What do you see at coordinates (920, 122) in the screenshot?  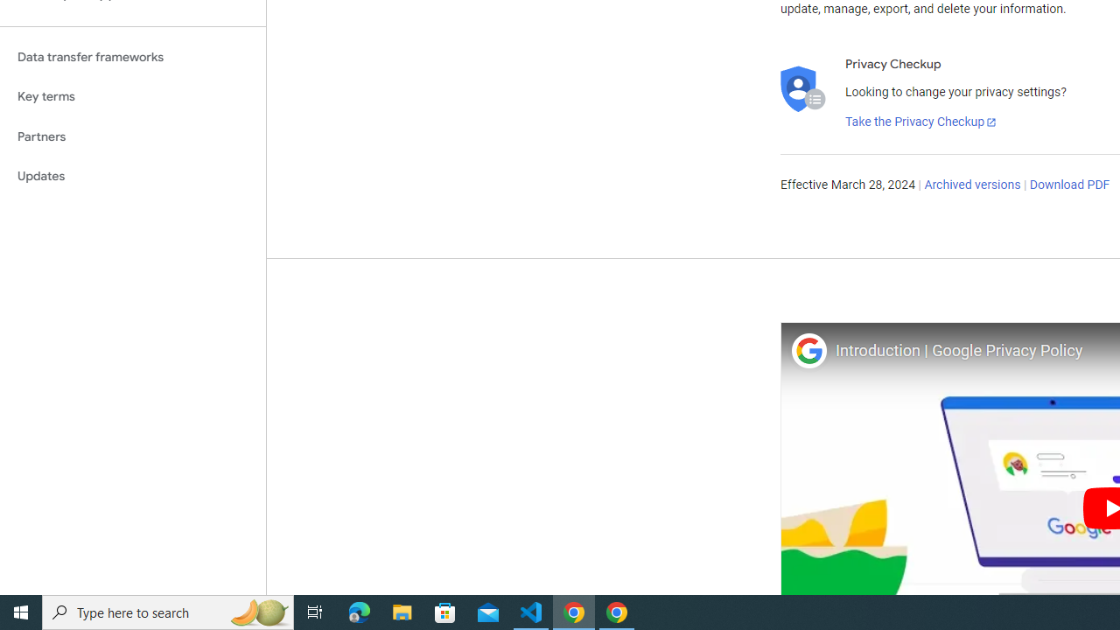 I see `'Take the Privacy Checkup'` at bounding box center [920, 122].